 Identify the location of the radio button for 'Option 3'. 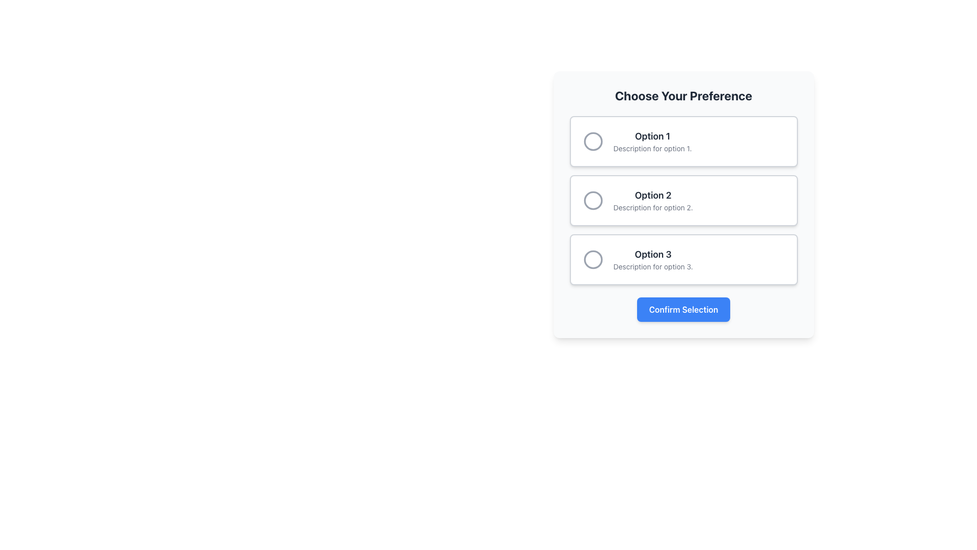
(593, 259).